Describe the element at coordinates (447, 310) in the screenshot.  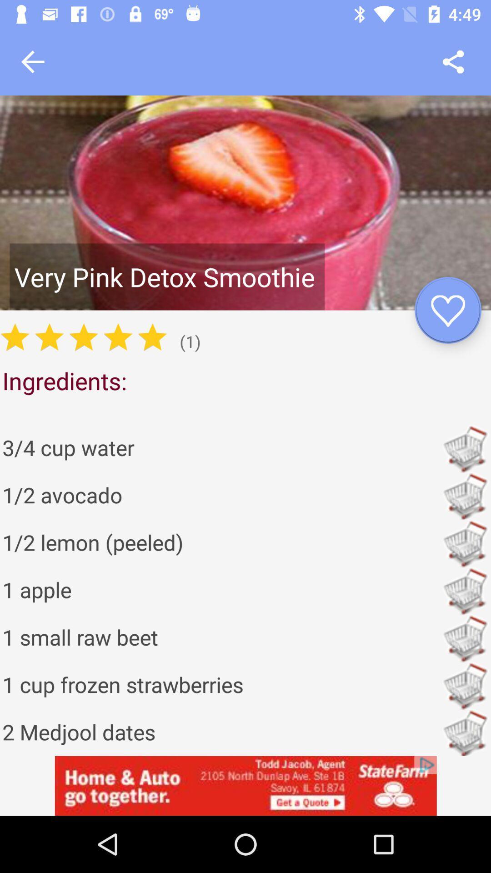
I see `the favorite icon` at that location.